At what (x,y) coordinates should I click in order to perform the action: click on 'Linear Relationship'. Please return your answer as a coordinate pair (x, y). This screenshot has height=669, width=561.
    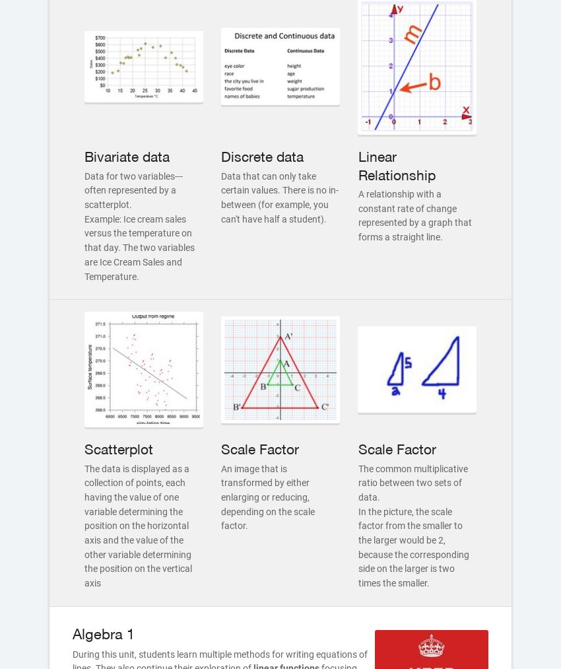
    Looking at the image, I should click on (395, 165).